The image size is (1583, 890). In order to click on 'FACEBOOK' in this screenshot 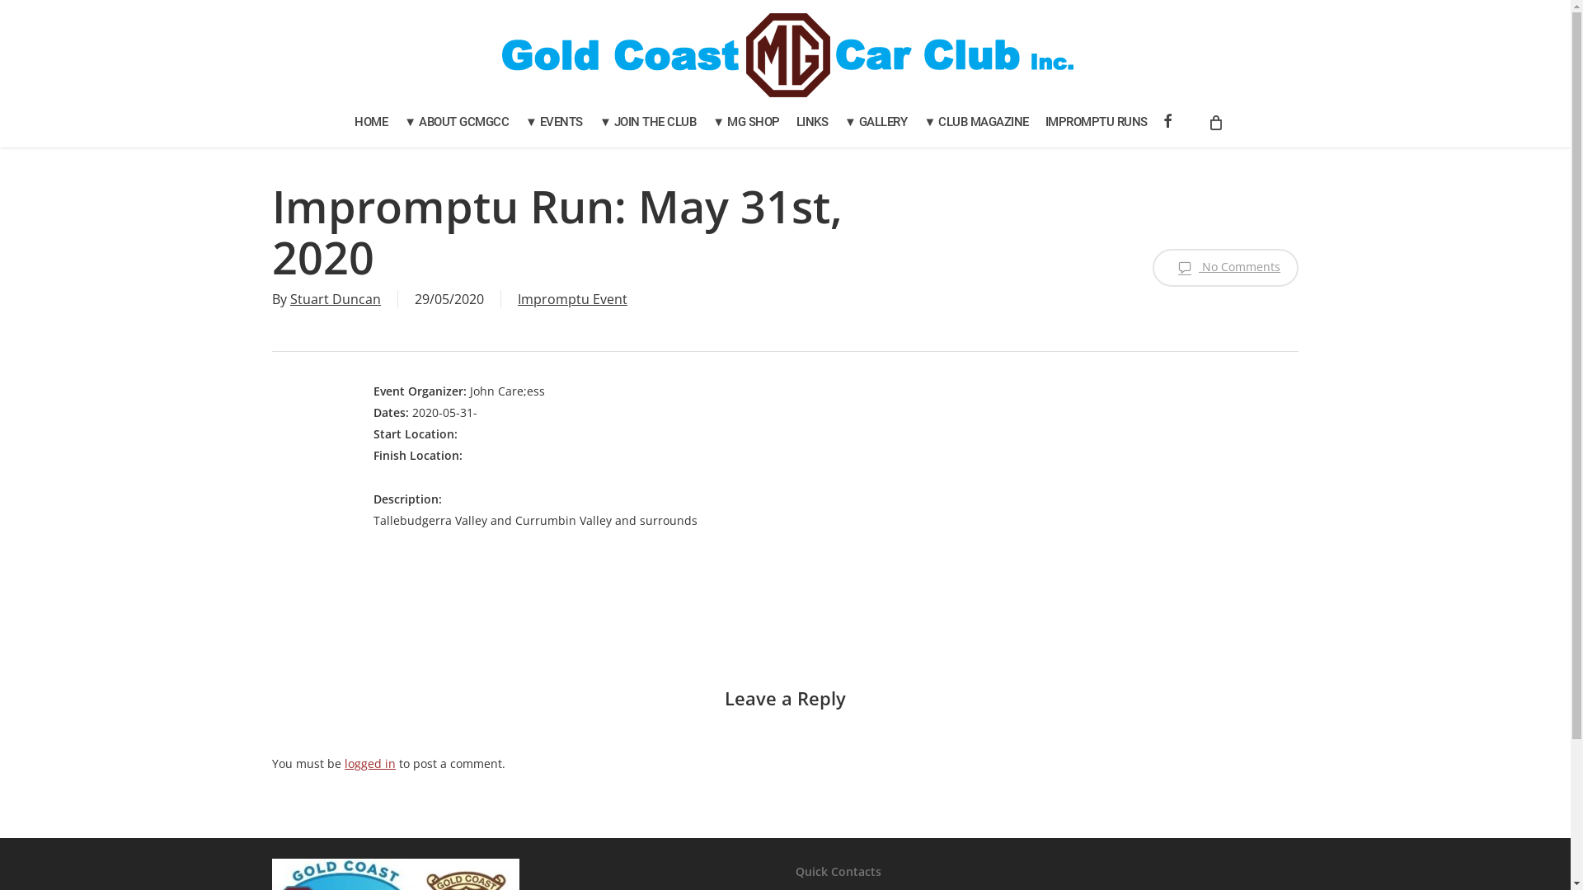, I will do `click(1154, 120)`.